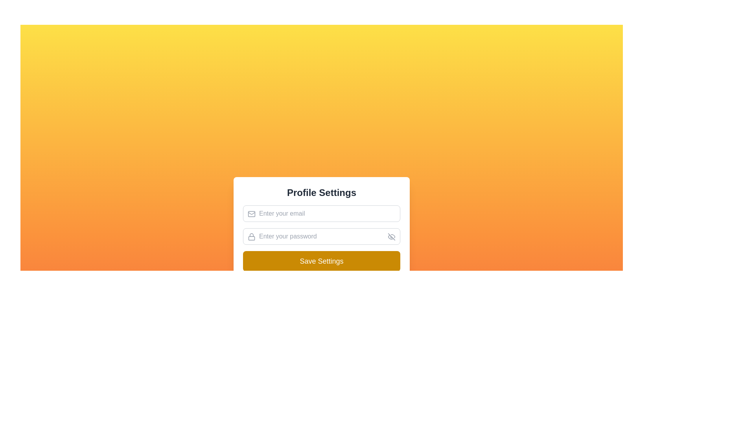  I want to click on the 'Profile Settings' text label for accessibility purposes, so click(321, 192).